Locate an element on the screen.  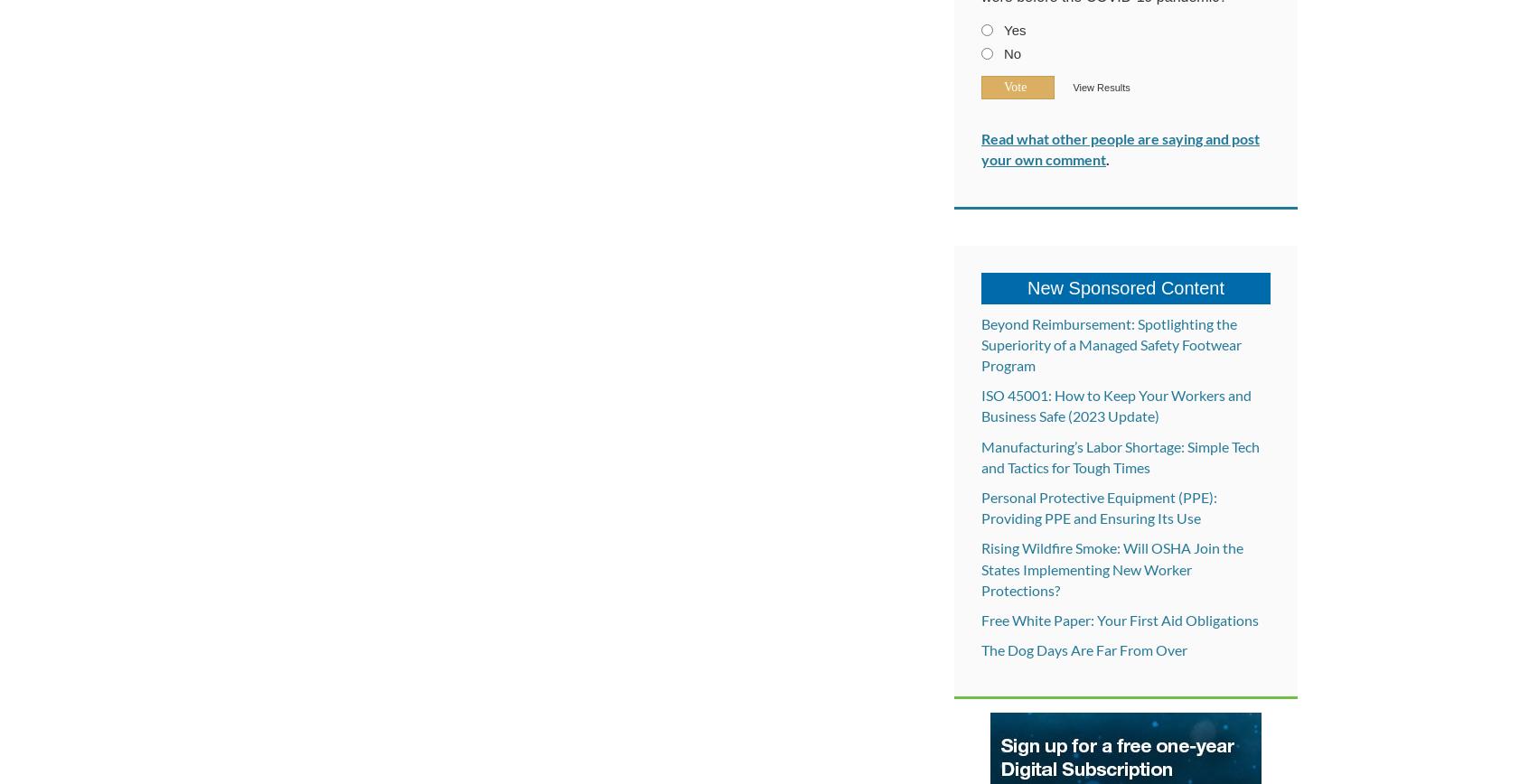
'Read what other people are saying and post your own comment' is located at coordinates (1121, 149).